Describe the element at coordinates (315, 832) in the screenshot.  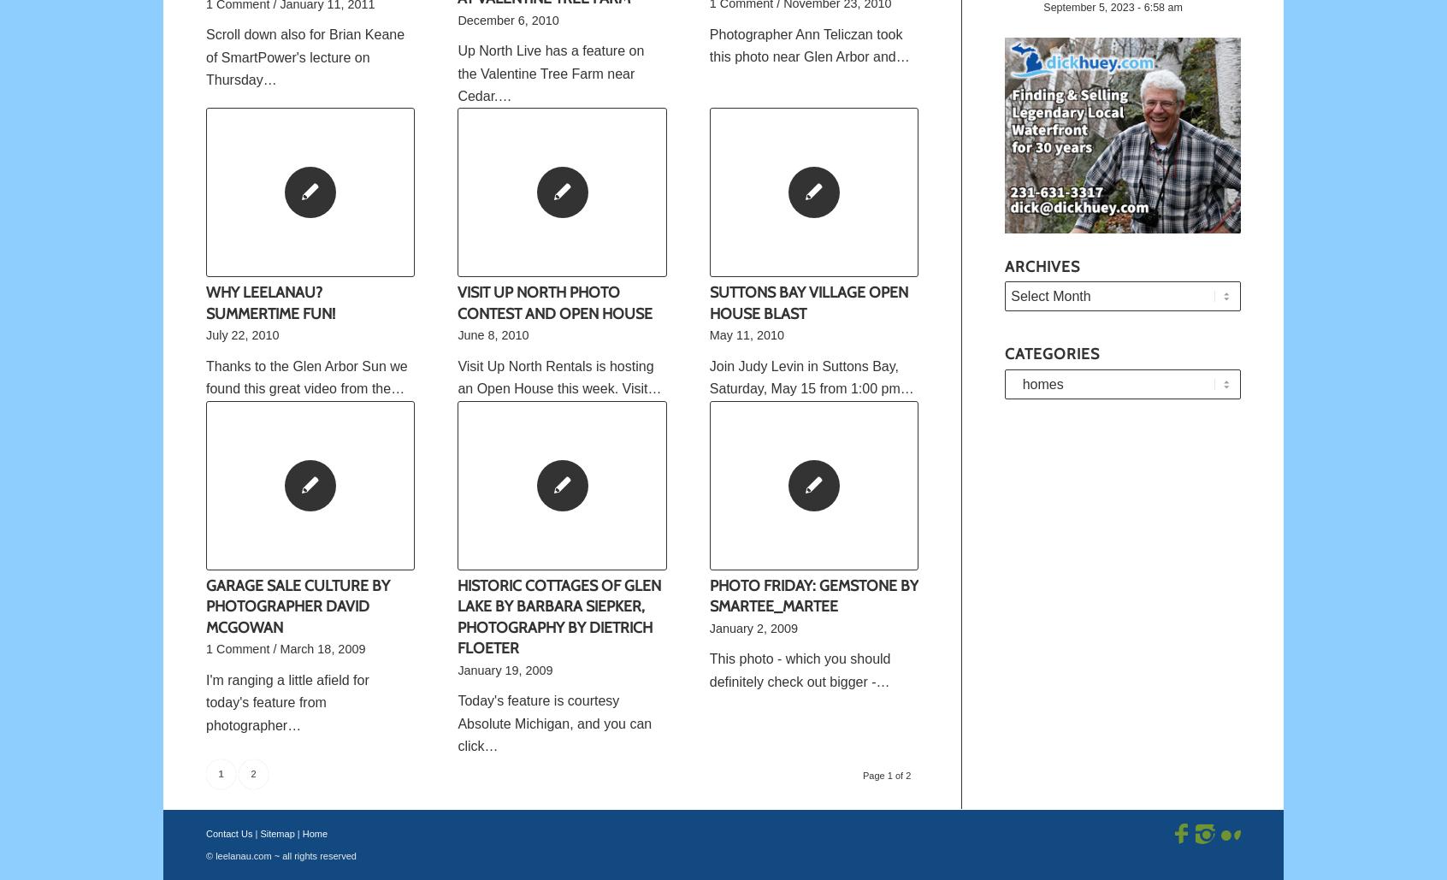
I see `'Home'` at that location.